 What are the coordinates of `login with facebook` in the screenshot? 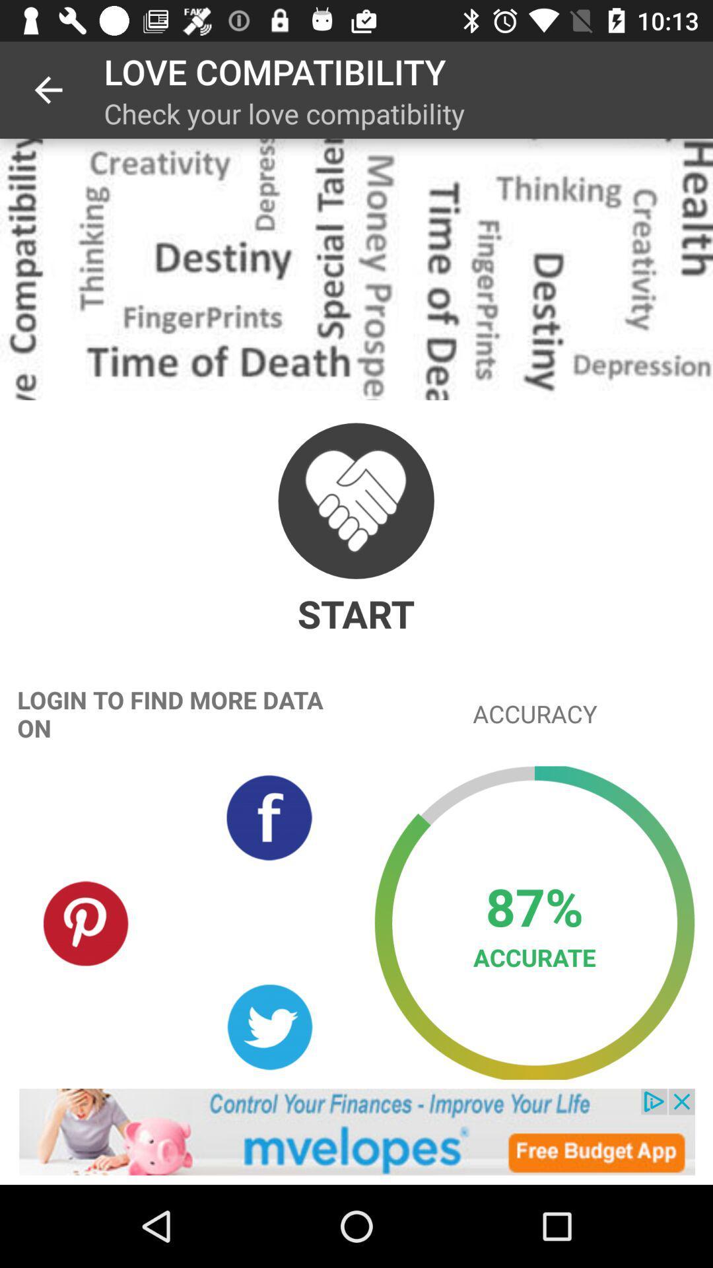 It's located at (269, 817).